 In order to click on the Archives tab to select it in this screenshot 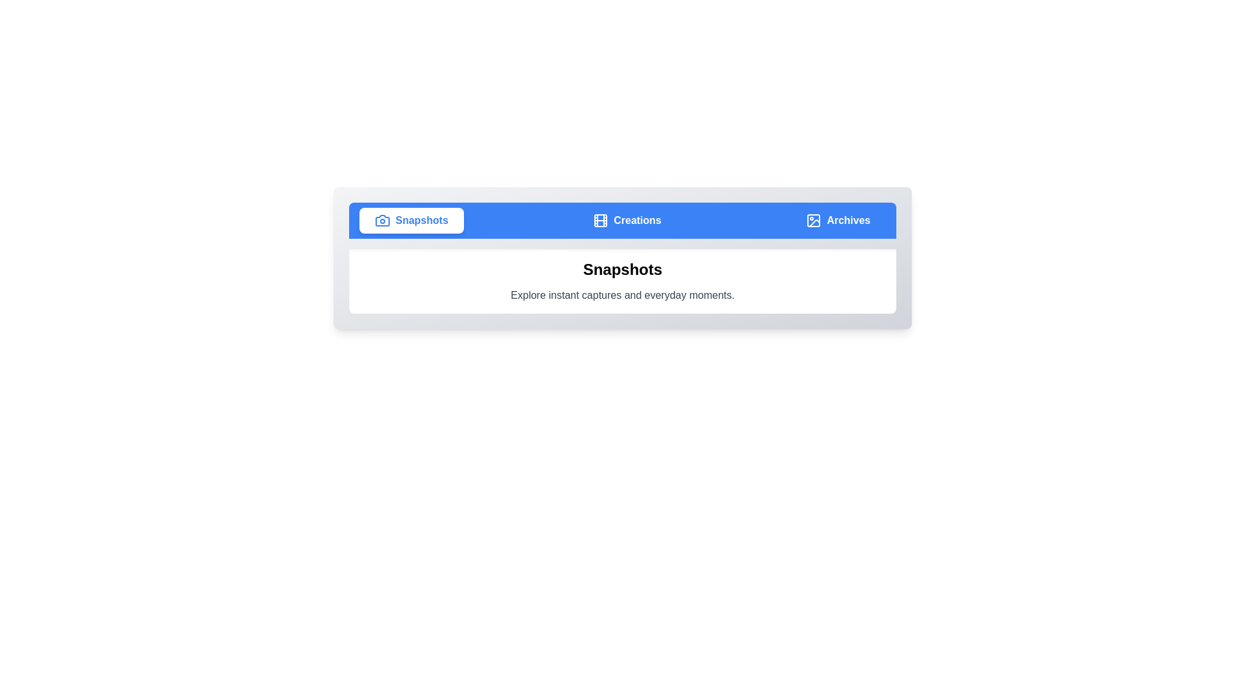, I will do `click(838, 220)`.